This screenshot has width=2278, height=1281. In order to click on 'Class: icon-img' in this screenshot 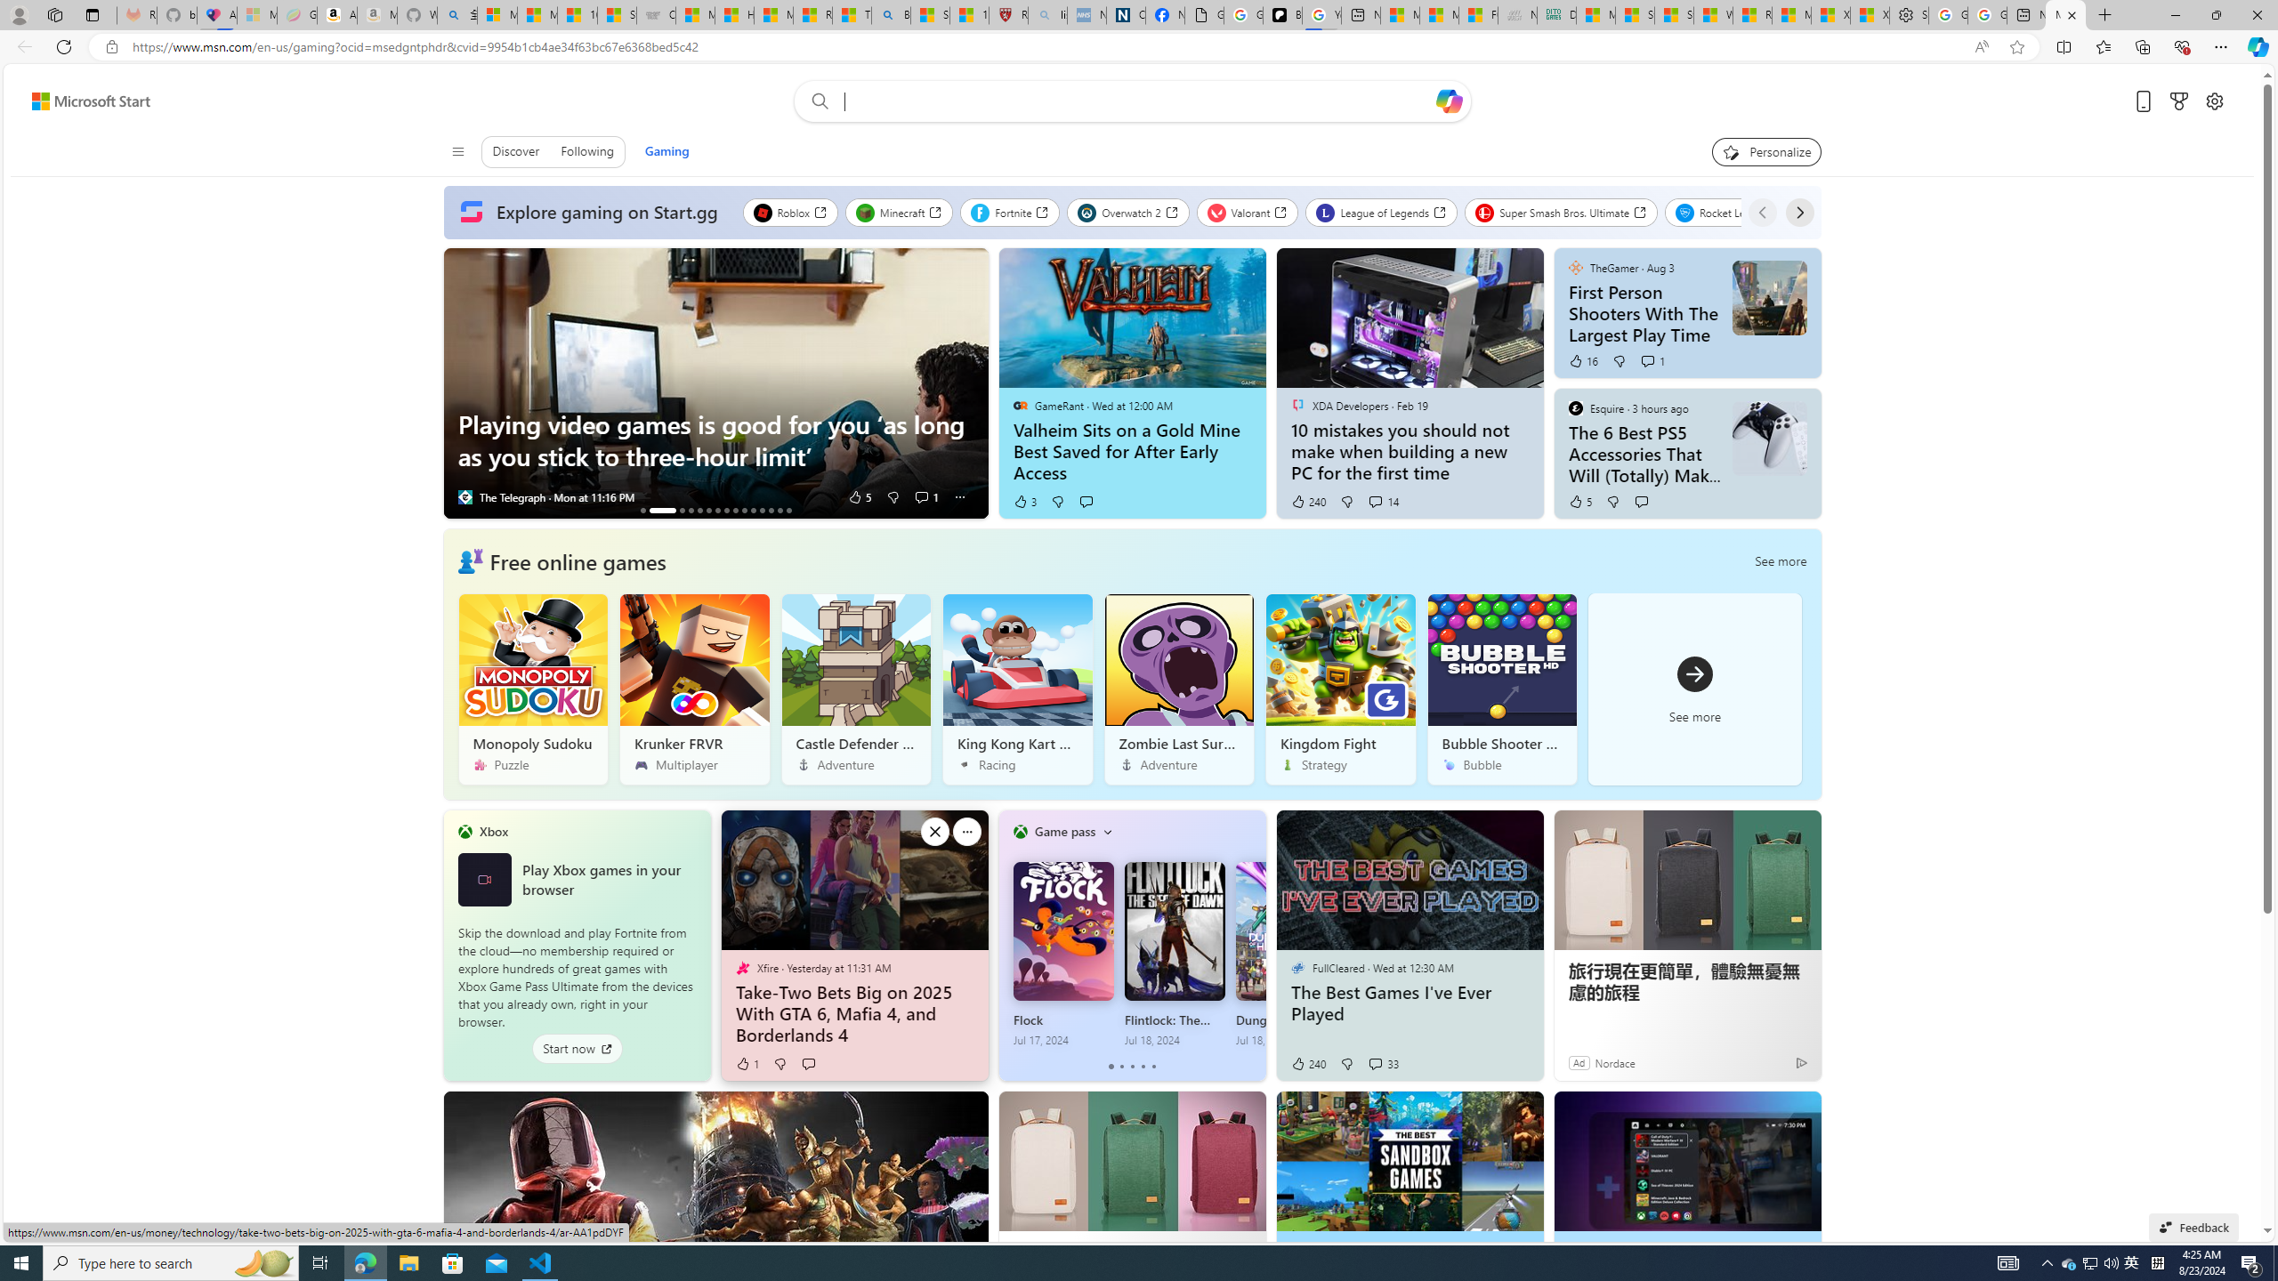, I will do `click(1107, 831)`.